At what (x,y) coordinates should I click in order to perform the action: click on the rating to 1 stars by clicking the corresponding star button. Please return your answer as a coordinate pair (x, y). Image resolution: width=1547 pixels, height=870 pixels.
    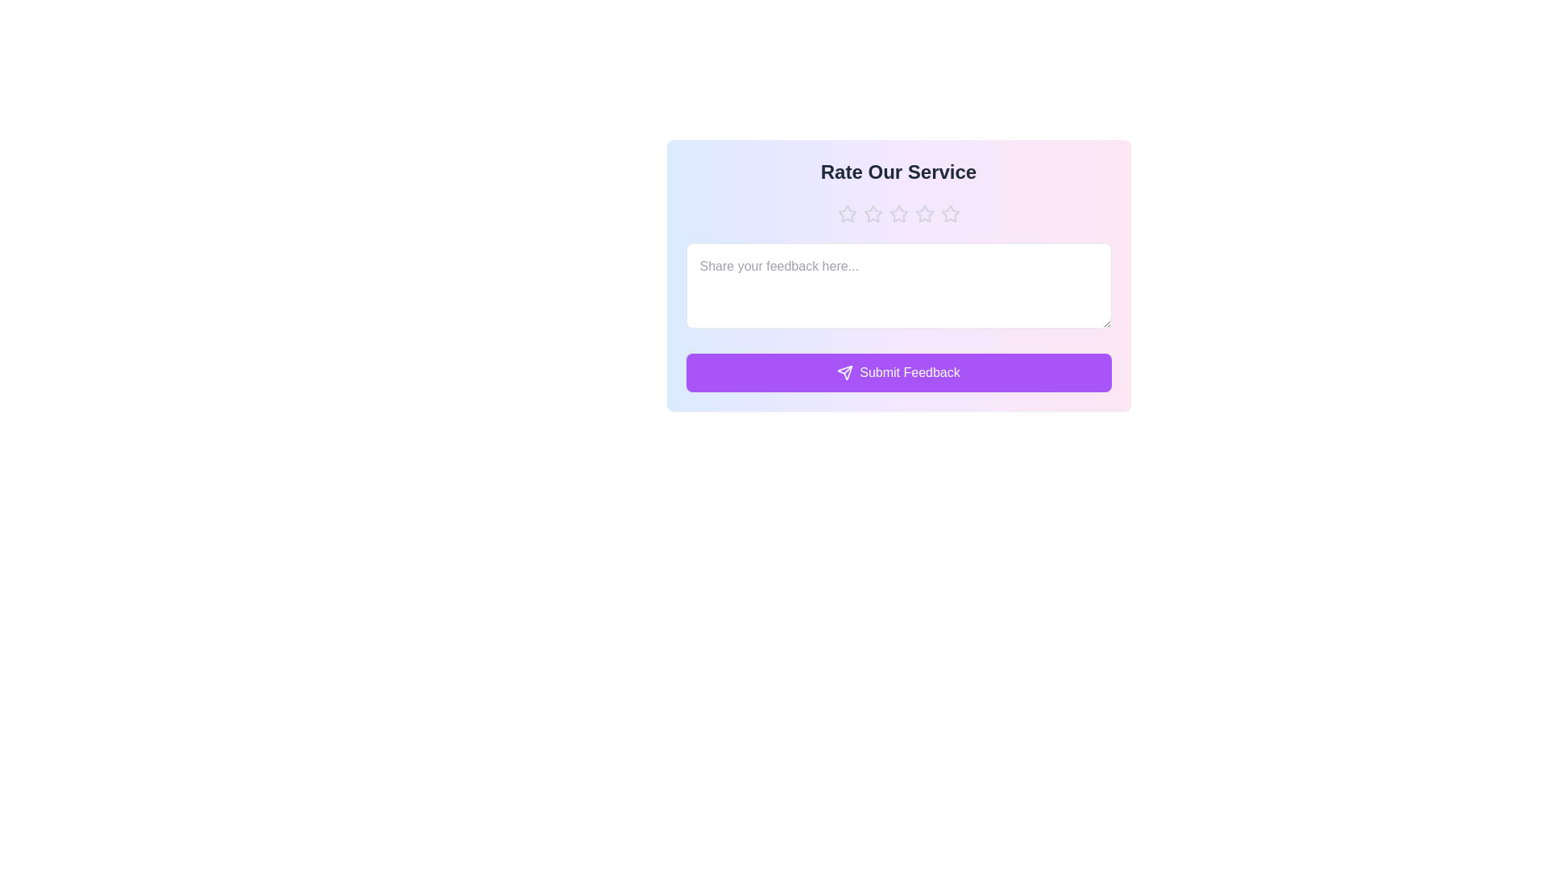
    Looking at the image, I should click on (846, 213).